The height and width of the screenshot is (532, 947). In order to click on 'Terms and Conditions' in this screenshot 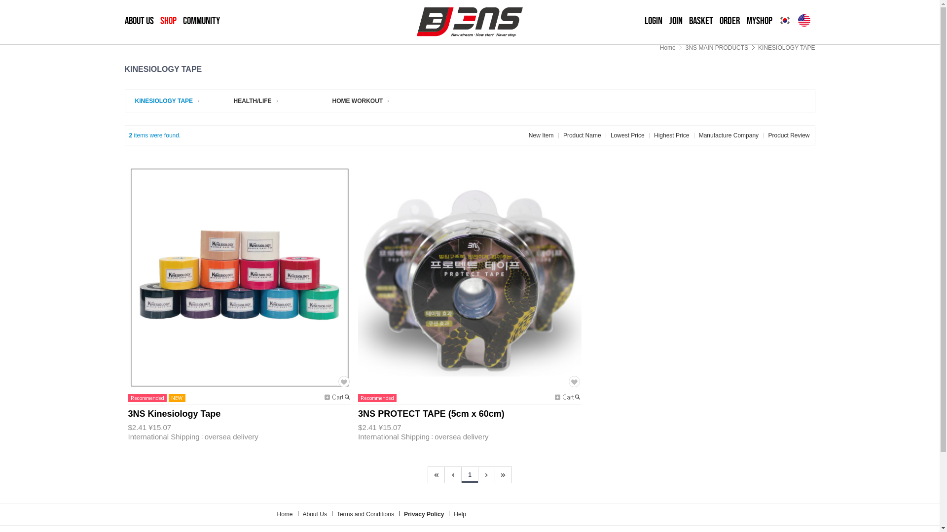, I will do `click(336, 514)`.